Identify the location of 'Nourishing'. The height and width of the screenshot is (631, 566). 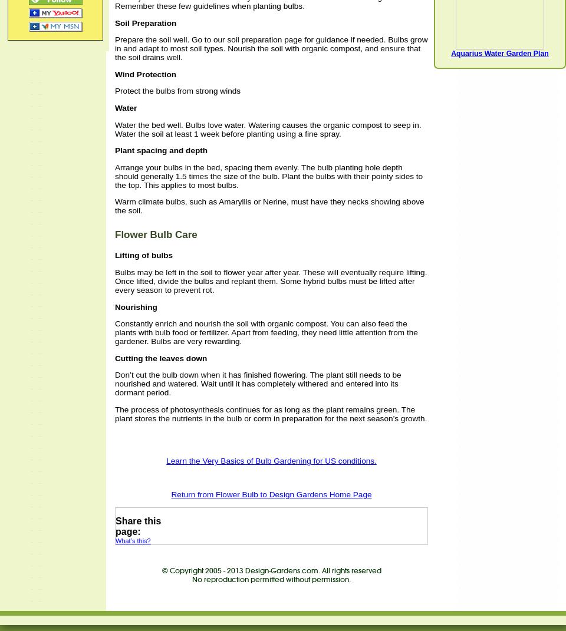
(114, 306).